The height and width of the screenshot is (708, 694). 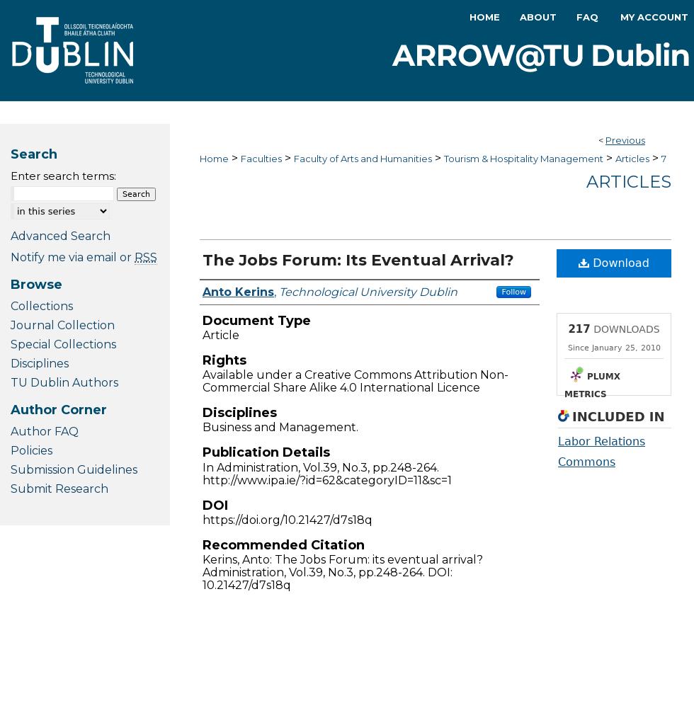 I want to click on 'Submit Research', so click(x=59, y=487).